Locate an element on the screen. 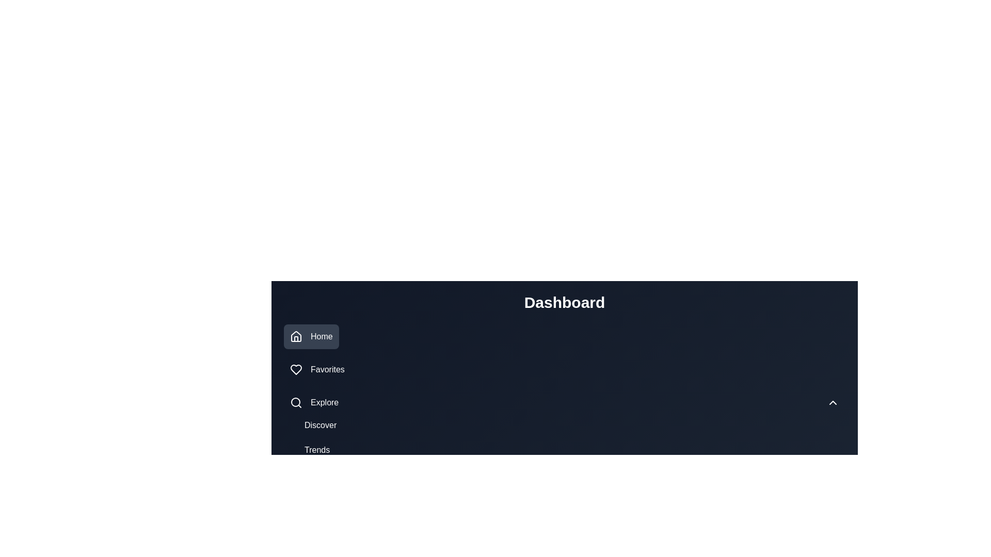 This screenshot has height=557, width=991. the representation of the Favorites icon located in the left sidebar navigation menu, positioned between the 'Home' button above and the 'Explore' option below is located at coordinates (296, 369).